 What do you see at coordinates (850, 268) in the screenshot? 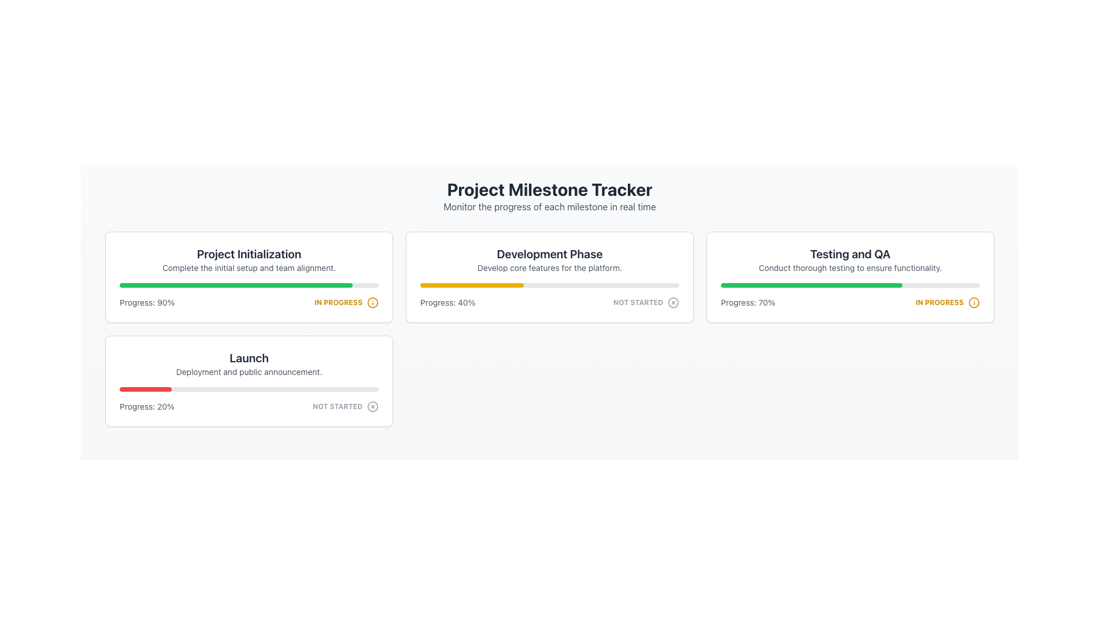
I see `text element that contains the concise description 'Conduct thorough testing to ensure functionality,' which is styled in a smaller font and gray tone, located below the heading 'Testing and QA.'` at bounding box center [850, 268].